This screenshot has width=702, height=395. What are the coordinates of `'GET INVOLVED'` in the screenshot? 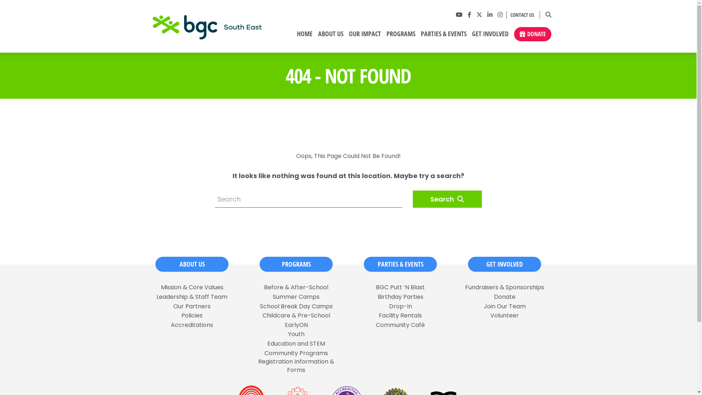 It's located at (504, 264).